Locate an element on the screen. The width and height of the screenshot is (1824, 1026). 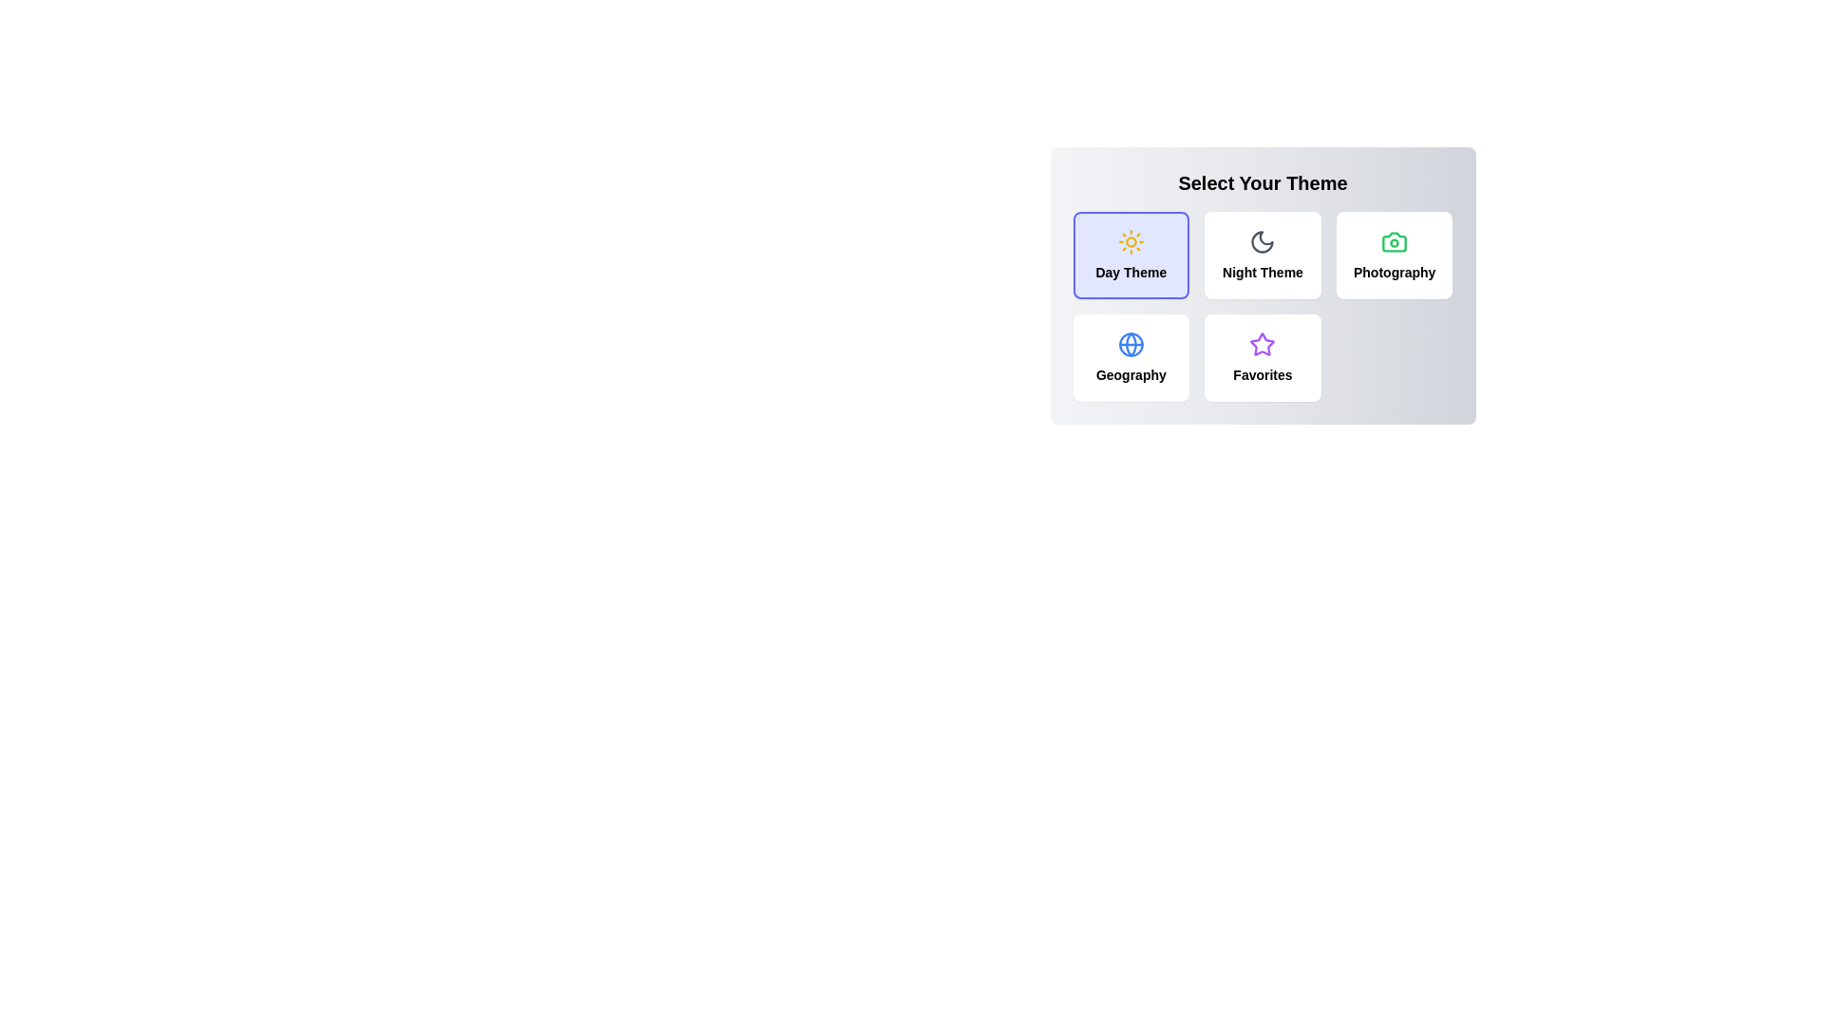
the photography category icon located at the top-center of the card labeled 'Photography.' is located at coordinates (1395, 240).